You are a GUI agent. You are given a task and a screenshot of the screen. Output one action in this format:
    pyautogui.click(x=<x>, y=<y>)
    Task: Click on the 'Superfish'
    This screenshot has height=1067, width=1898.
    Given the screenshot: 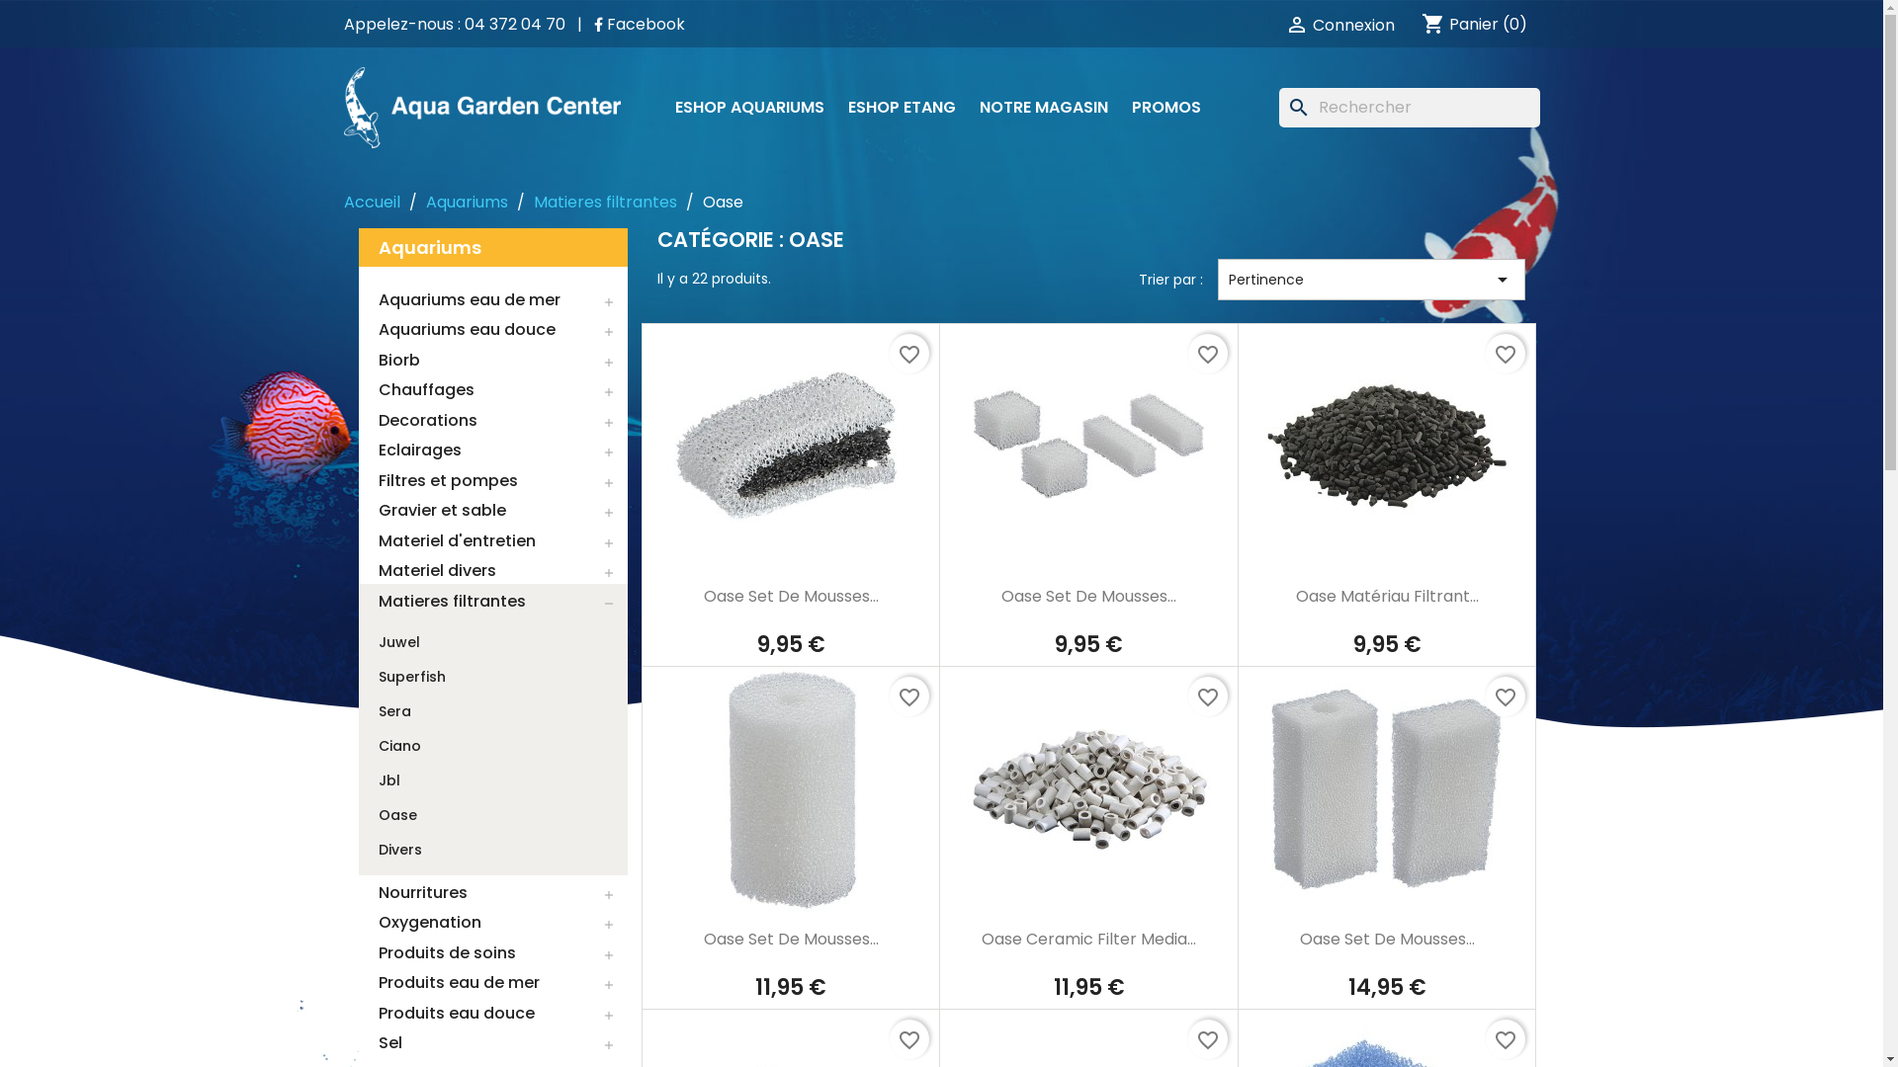 What is the action you would take?
    pyautogui.click(x=357, y=676)
    